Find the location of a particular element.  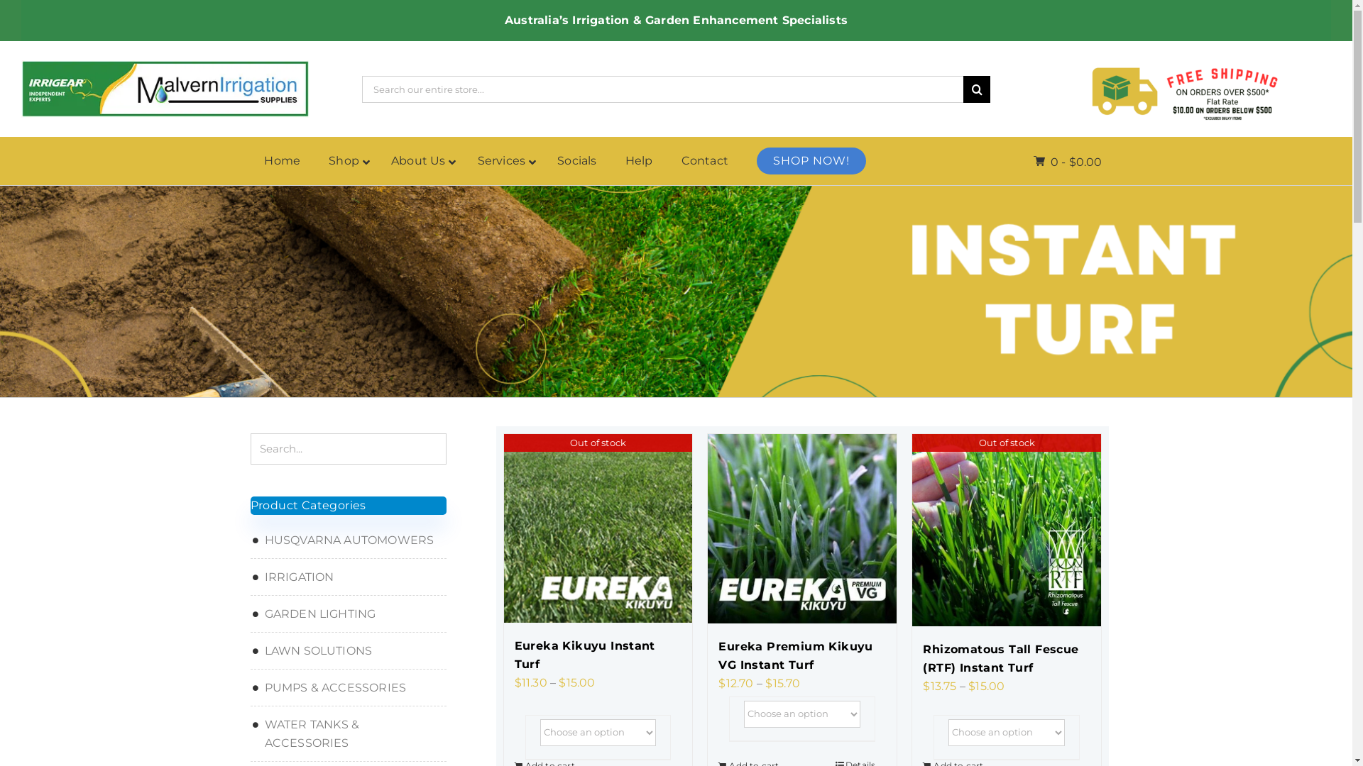

'Eureka Premium Kikuyu VG Instant Turf' is located at coordinates (801, 656).